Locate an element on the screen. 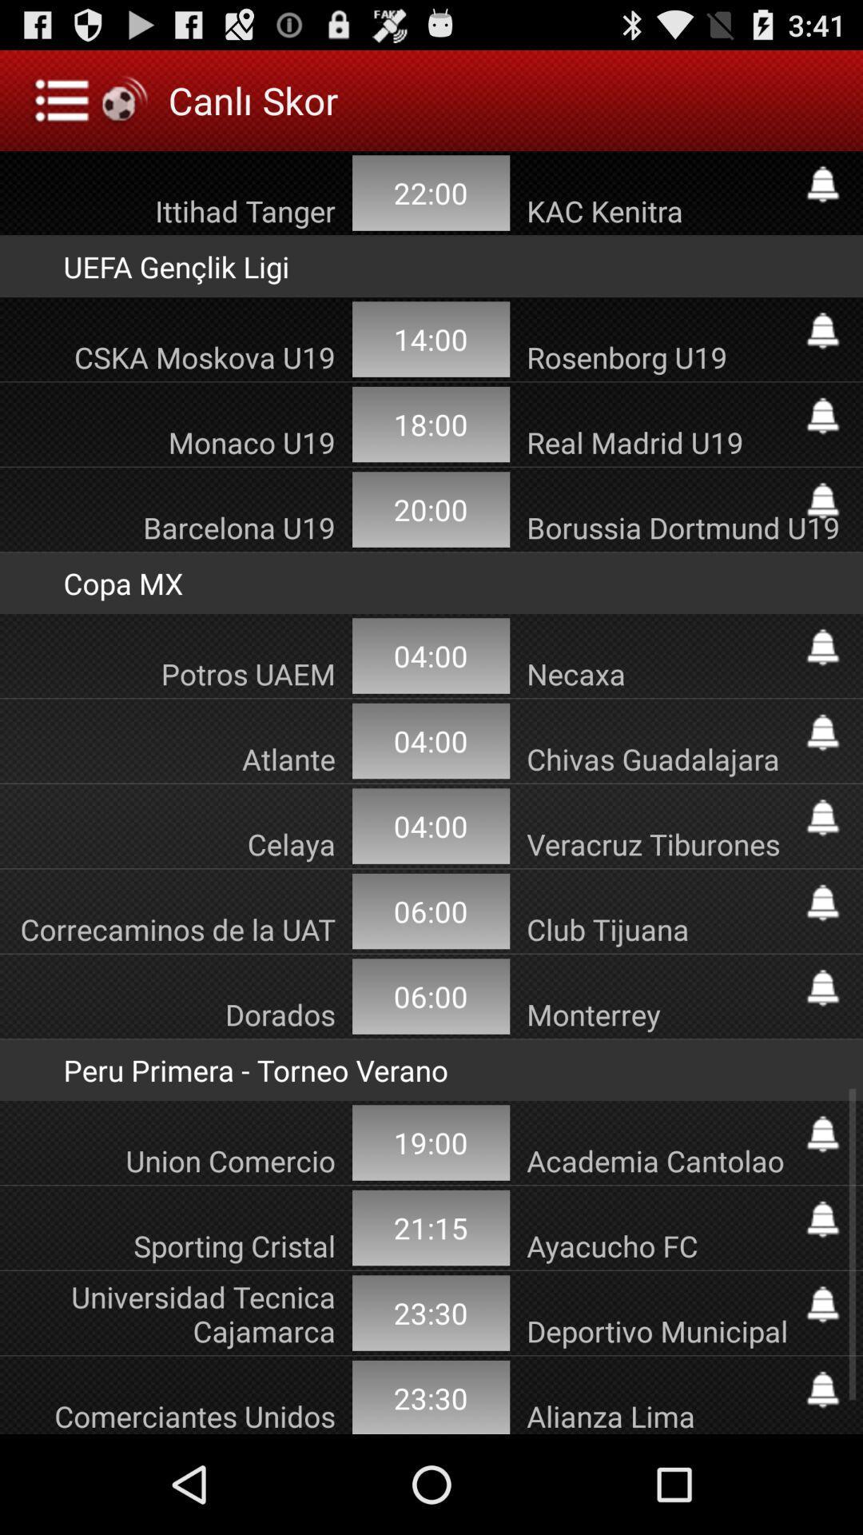 The image size is (863, 1535). notification button is located at coordinates (822, 732).